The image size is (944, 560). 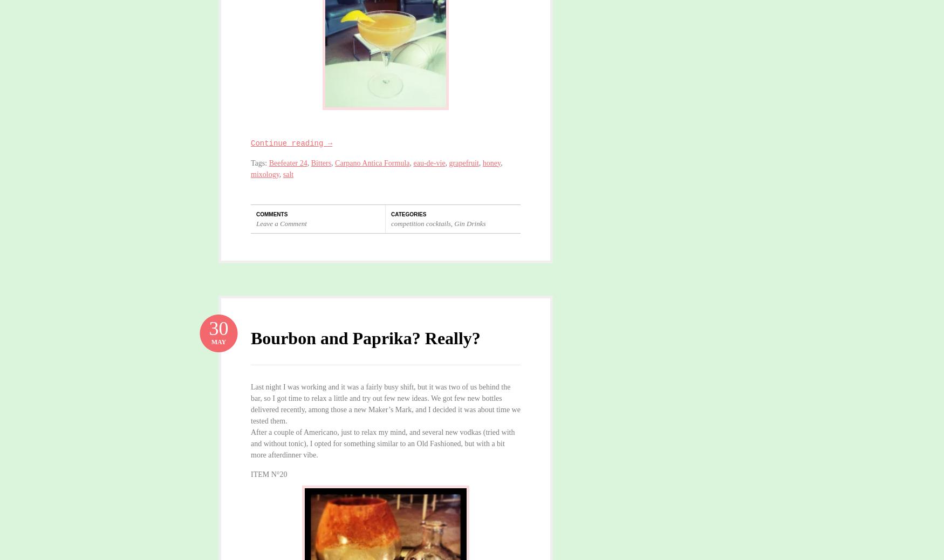 I want to click on 'mixology', so click(x=250, y=174).